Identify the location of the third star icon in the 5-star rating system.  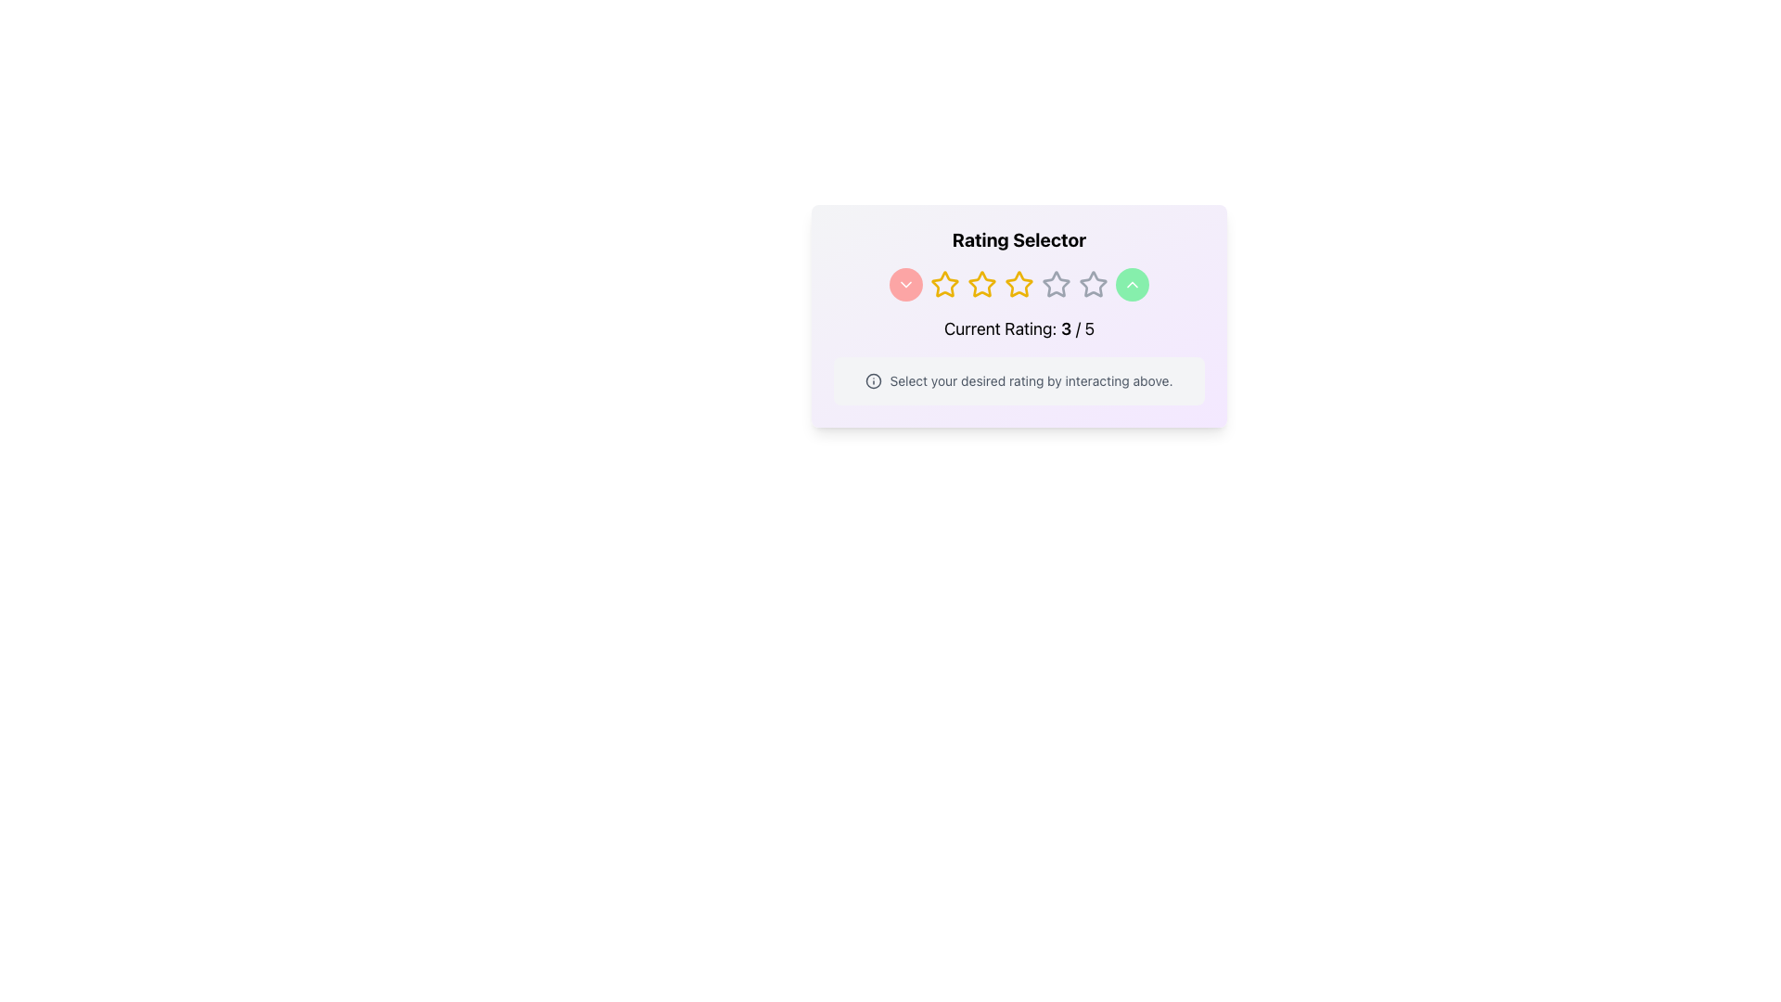
(981, 285).